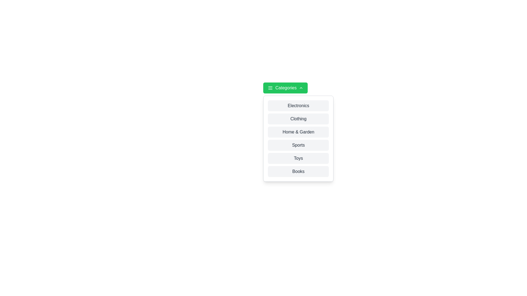 Image resolution: width=527 pixels, height=296 pixels. Describe the element at coordinates (298, 132) in the screenshot. I see `the 'Home & Garden' button, which is a rectangular button with a light gray background and dark gray text, located in the dropdown menu below 'Clothing' and above 'Sports'` at that location.